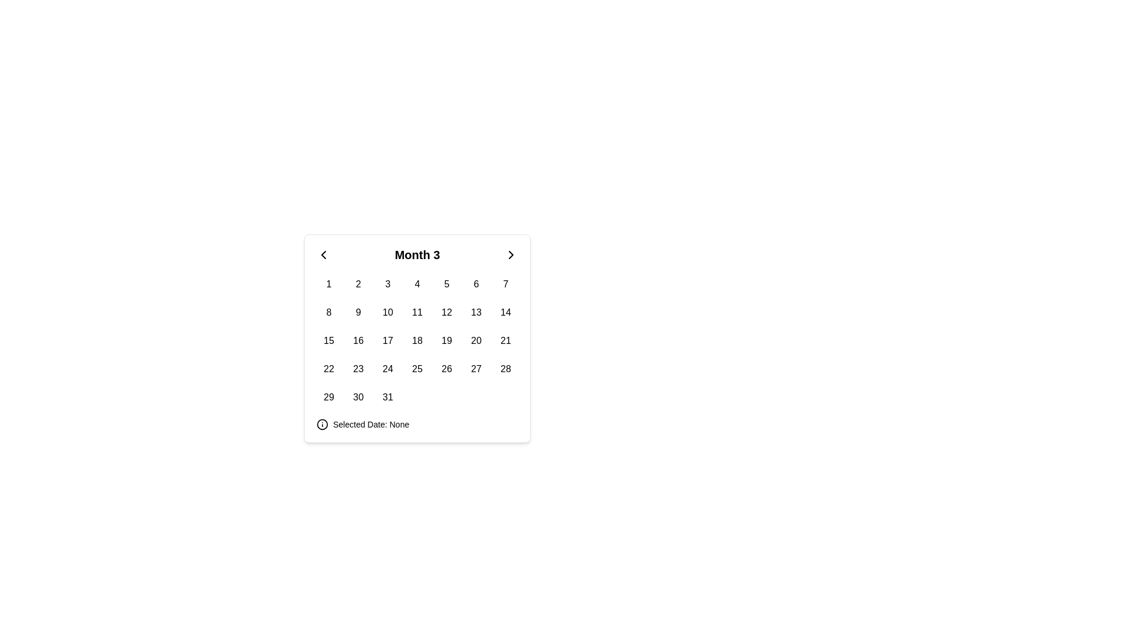  I want to click on the Calendar day cell displaying the number '30', so click(358, 397).